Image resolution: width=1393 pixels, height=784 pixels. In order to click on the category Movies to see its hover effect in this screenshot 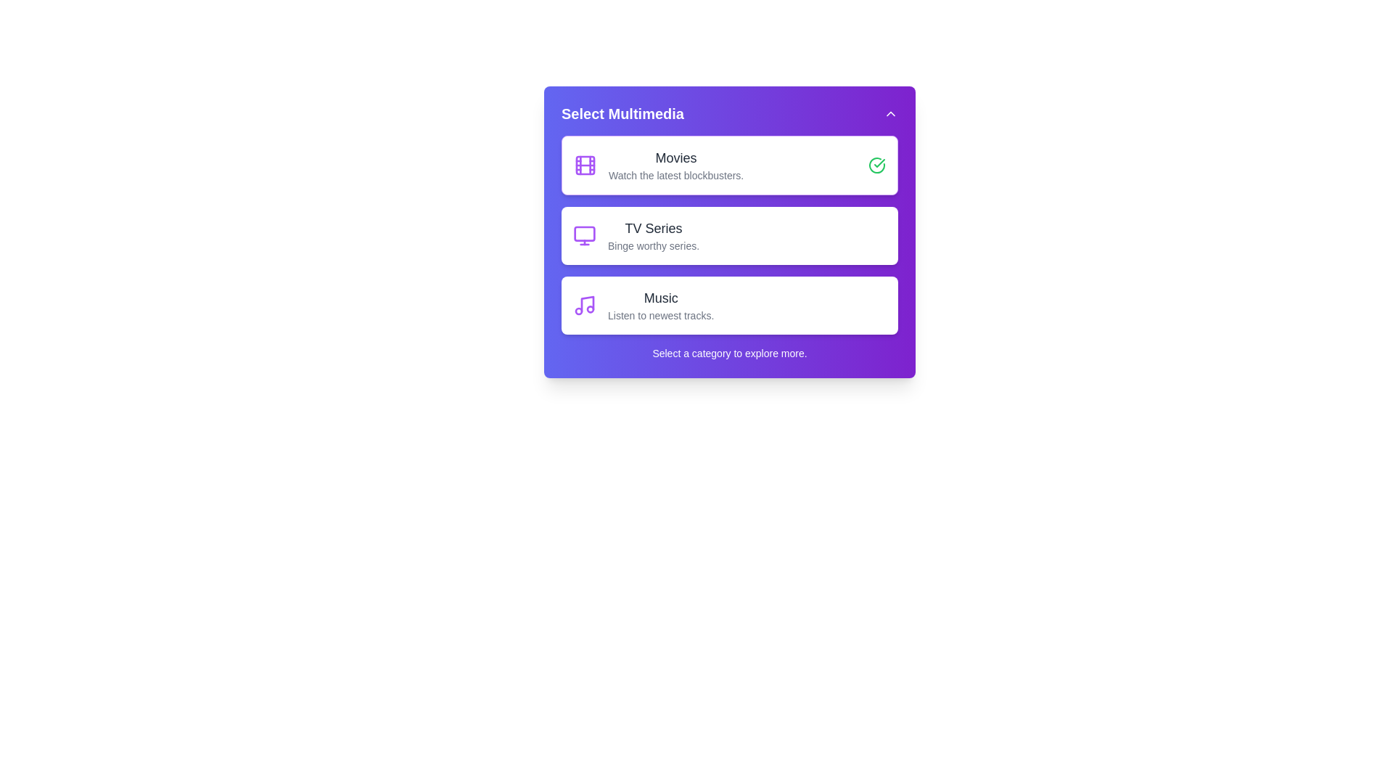, I will do `click(730, 164)`.